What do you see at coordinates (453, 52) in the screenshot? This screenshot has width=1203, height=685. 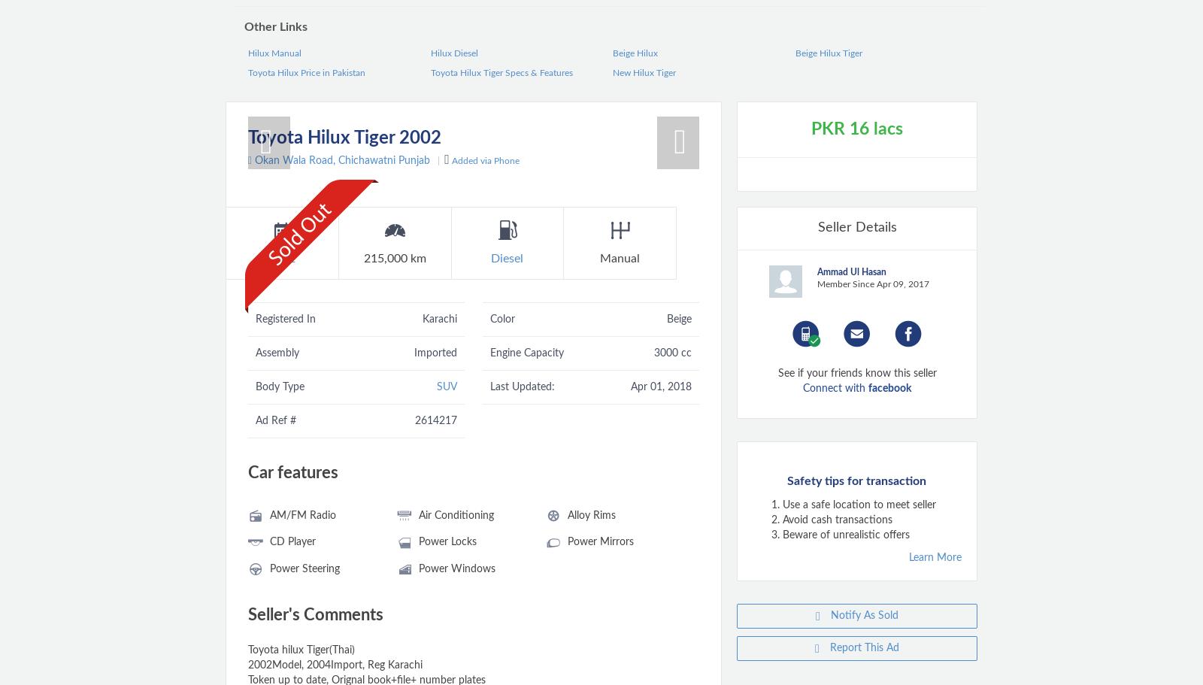 I see `'Hilux Diesel'` at bounding box center [453, 52].